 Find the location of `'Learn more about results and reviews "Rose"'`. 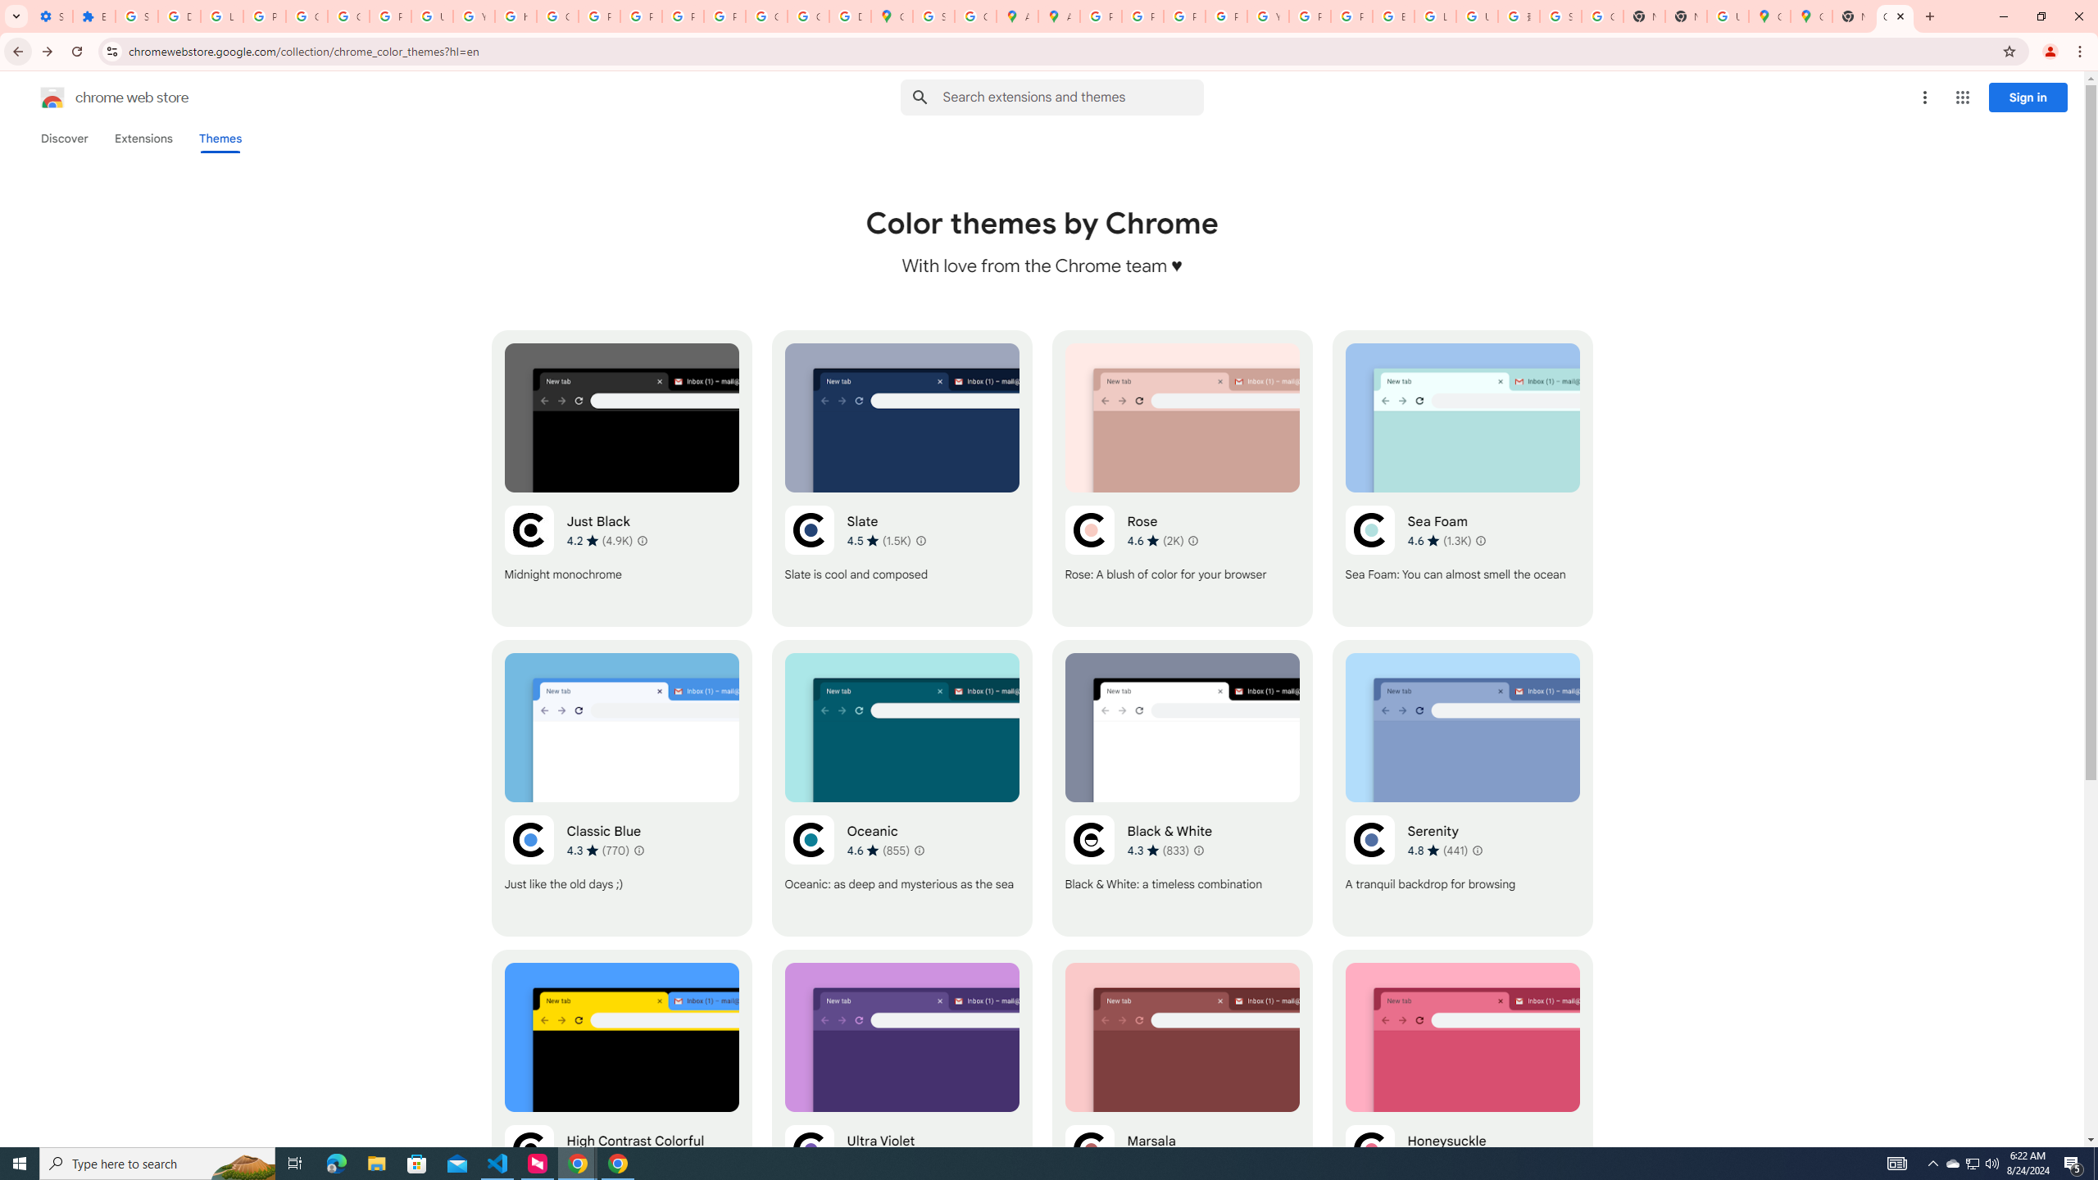

'Learn more about results and reviews "Rose"' is located at coordinates (1192, 540).